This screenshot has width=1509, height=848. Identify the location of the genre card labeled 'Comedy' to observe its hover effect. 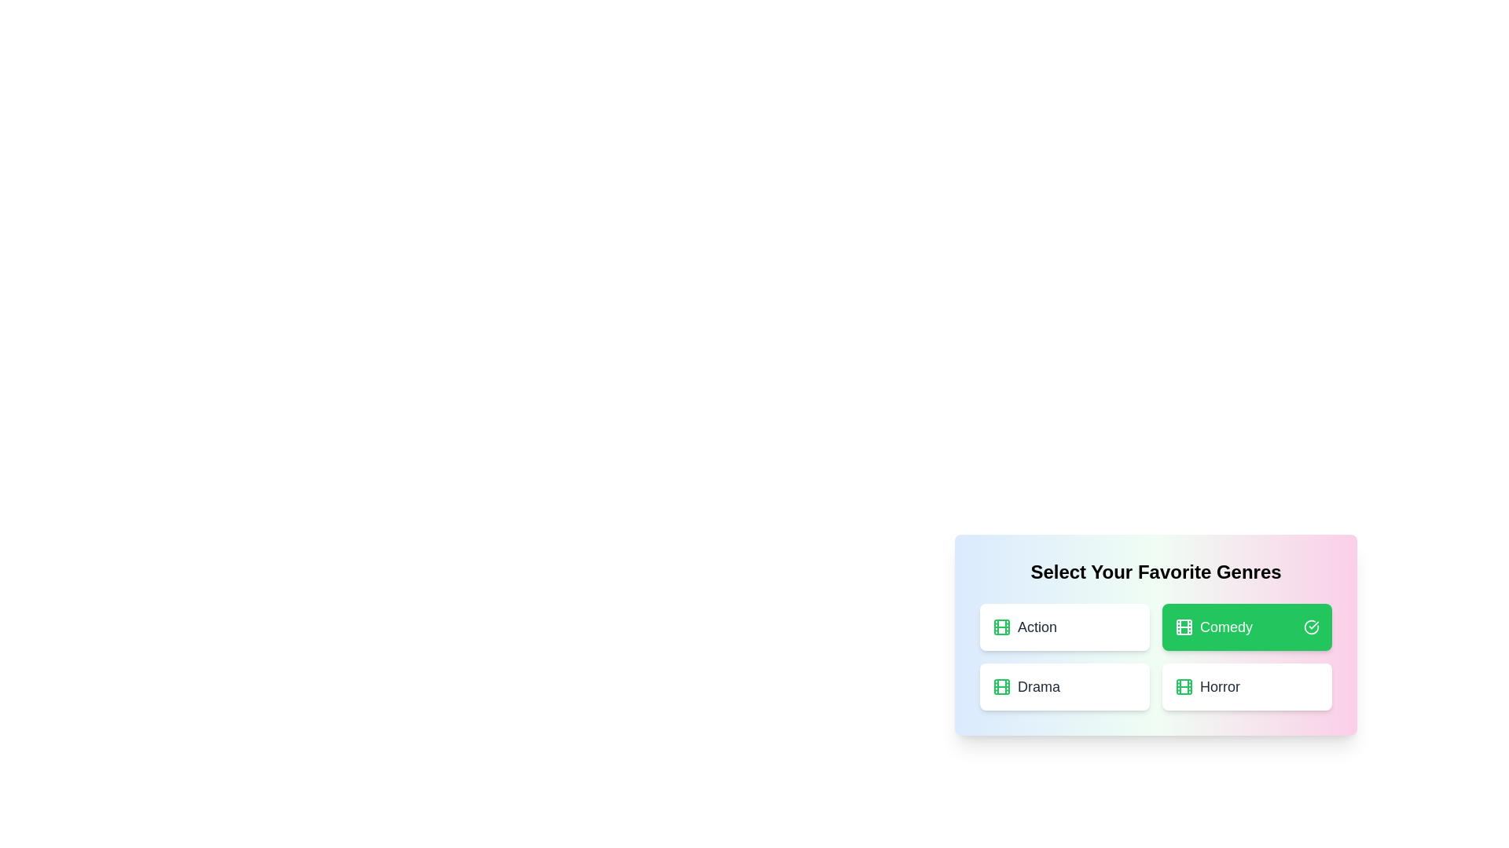
(1246, 626).